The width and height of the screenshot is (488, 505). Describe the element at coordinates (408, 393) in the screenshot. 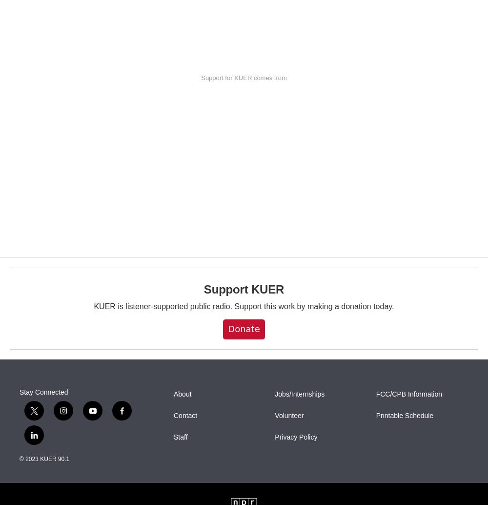

I see `'FCC/CPB Information'` at that location.